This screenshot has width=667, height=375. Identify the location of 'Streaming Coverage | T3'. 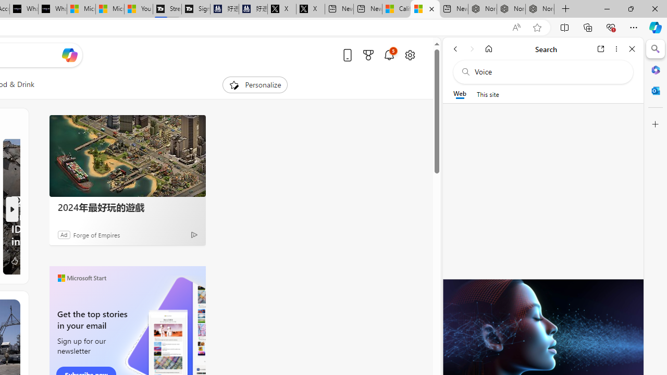
(167, 9).